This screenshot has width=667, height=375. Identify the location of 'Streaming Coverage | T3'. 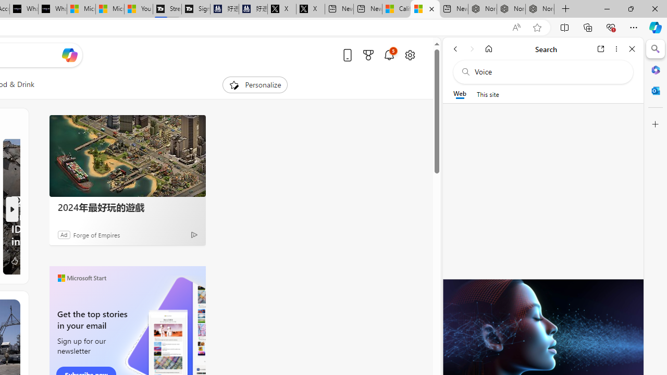
(167, 9).